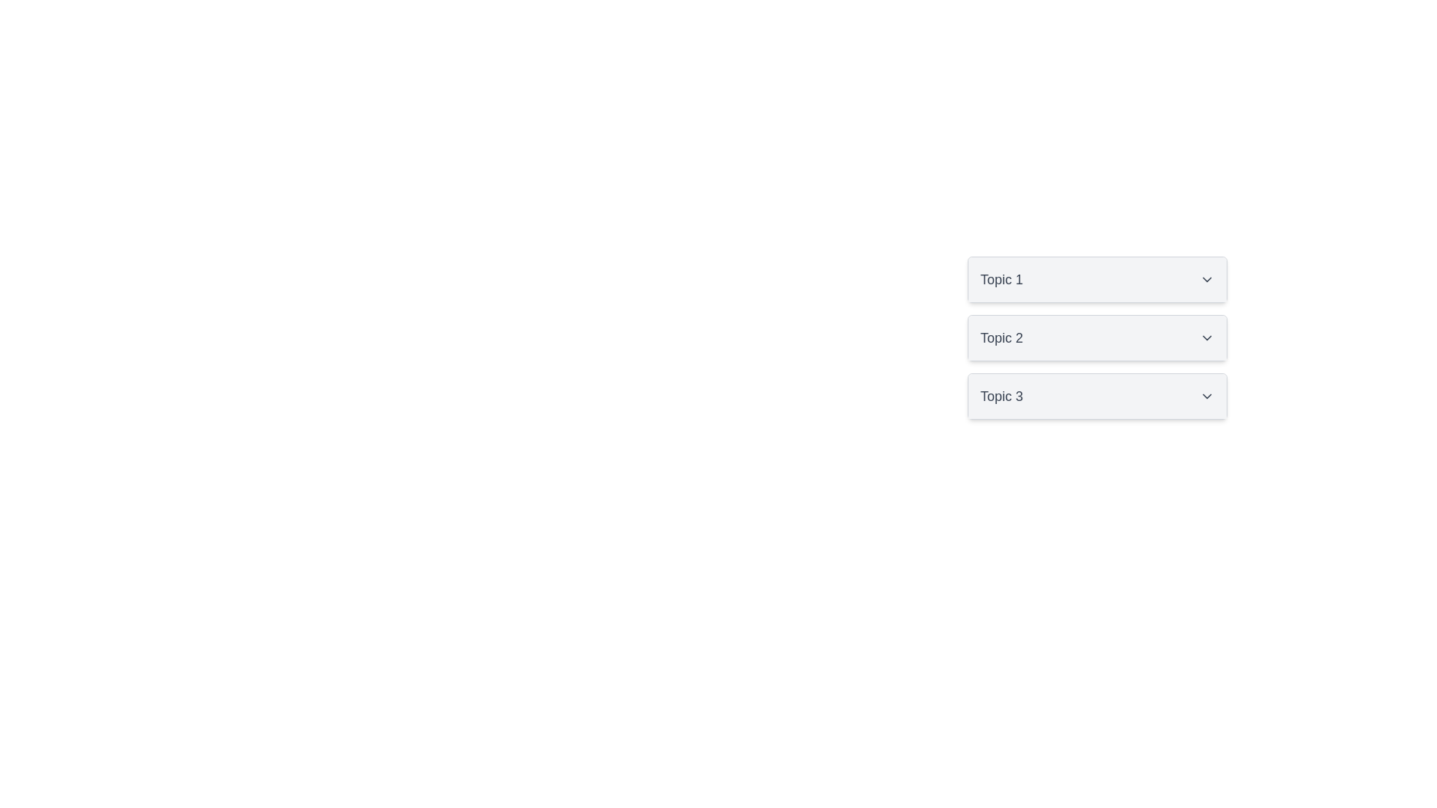  I want to click on the second button in the vertical list, so click(1097, 337).